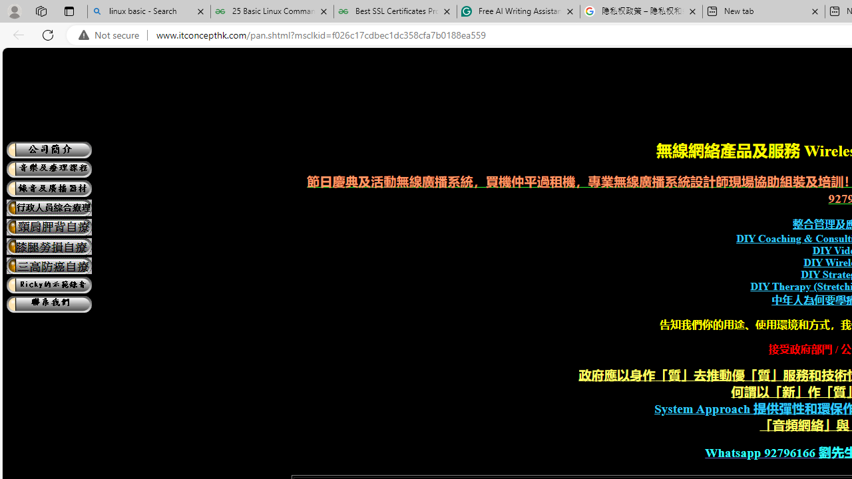  I want to click on 'Best SSL Certificates Provider in India - GeeksforGeeks', so click(394, 11).